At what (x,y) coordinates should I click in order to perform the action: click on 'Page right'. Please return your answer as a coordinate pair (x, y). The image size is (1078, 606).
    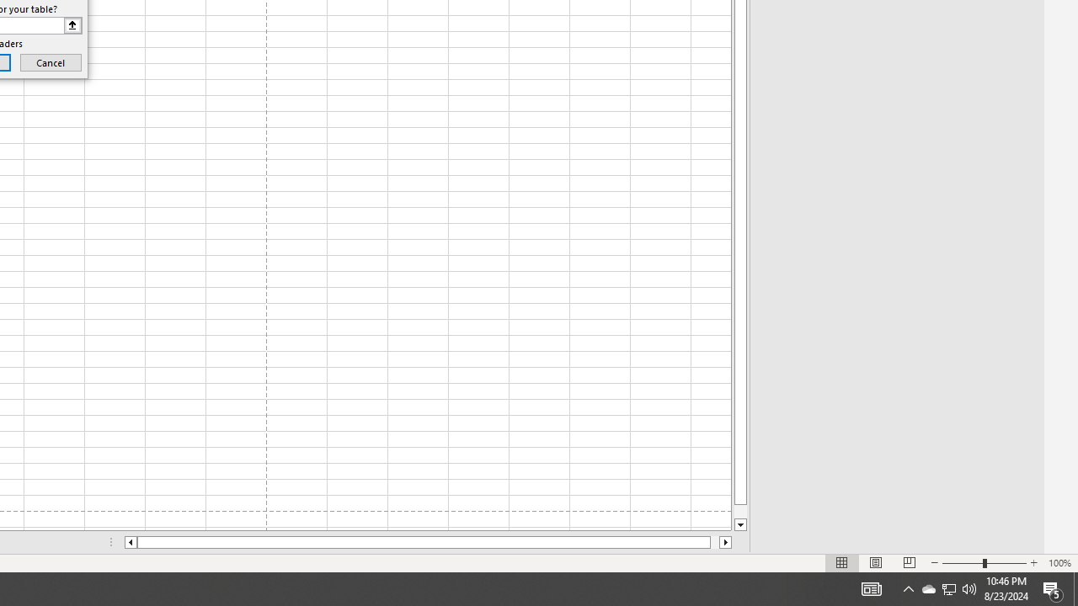
    Looking at the image, I should click on (714, 542).